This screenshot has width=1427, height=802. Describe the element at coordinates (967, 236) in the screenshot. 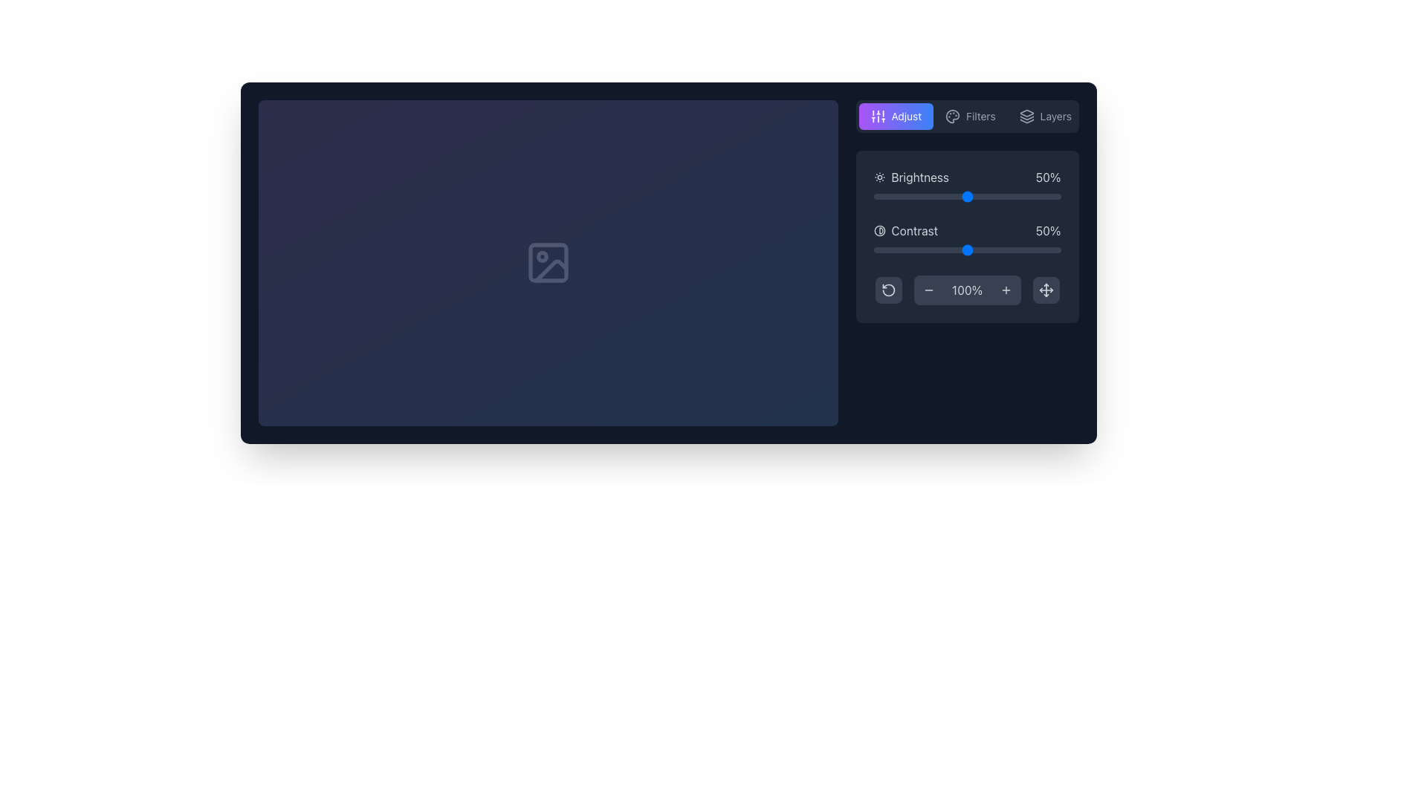

I see `the interactive buttons within the composite UI component for brightness and contrast adjustments, which includes labeled sliders and reset controls` at that location.